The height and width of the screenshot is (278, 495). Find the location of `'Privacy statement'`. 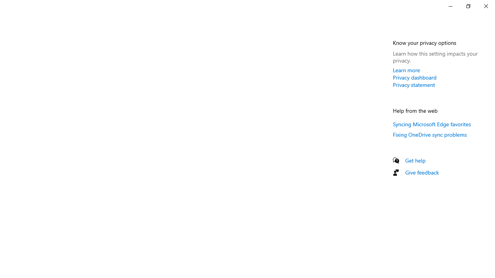

'Privacy statement' is located at coordinates (413, 85).